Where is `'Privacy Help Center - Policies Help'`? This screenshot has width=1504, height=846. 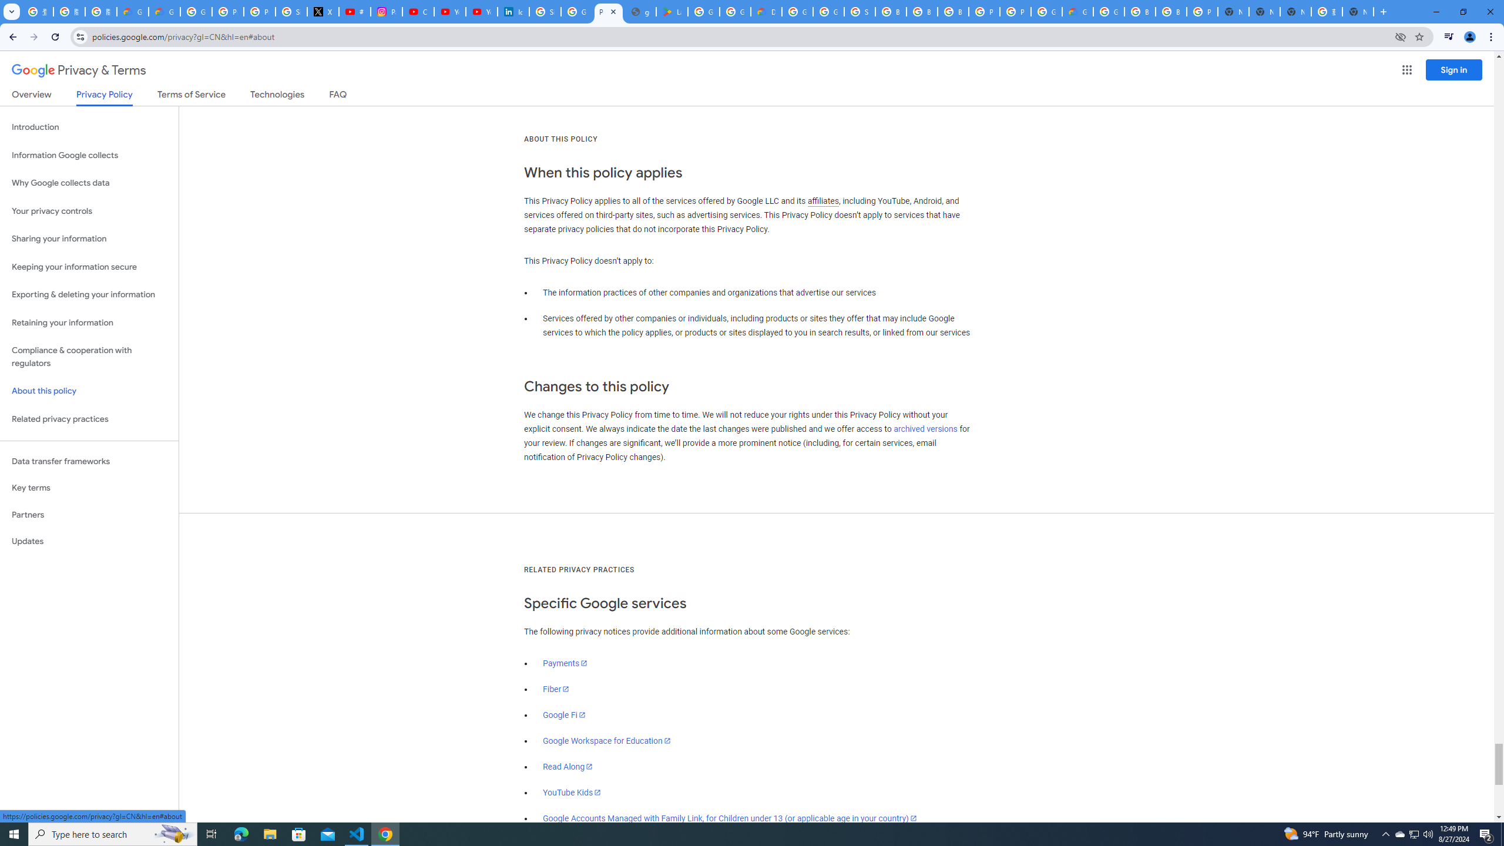 'Privacy Help Center - Policies Help' is located at coordinates (259, 11).